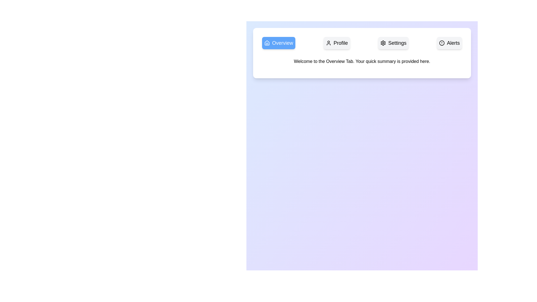 The image size is (537, 302). I want to click on the button in the navigation bar that allows users, so click(393, 43).